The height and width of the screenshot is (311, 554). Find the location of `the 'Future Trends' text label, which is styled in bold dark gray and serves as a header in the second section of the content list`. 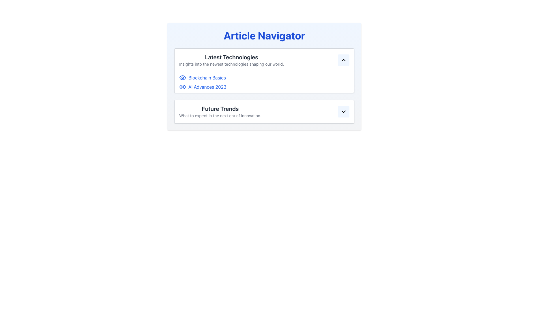

the 'Future Trends' text label, which is styled in bold dark gray and serves as a header in the second section of the content list is located at coordinates (220, 109).